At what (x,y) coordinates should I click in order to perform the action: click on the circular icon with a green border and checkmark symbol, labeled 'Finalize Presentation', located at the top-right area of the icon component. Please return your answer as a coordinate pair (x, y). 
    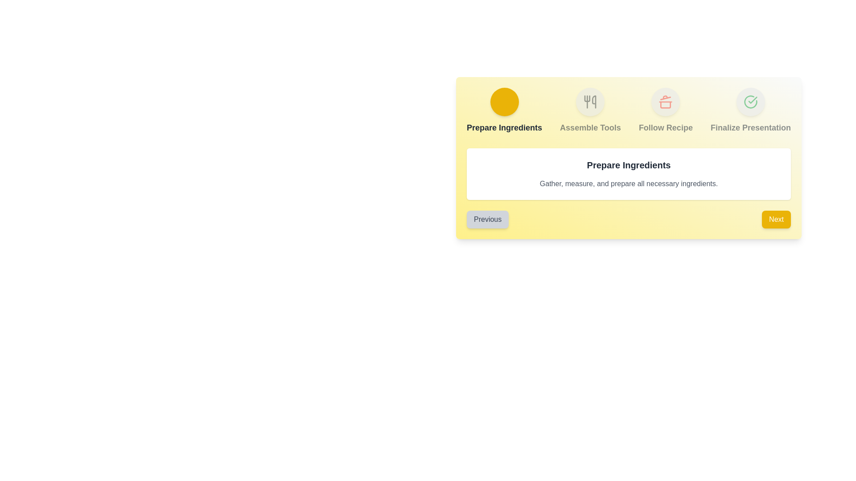
    Looking at the image, I should click on (750, 101).